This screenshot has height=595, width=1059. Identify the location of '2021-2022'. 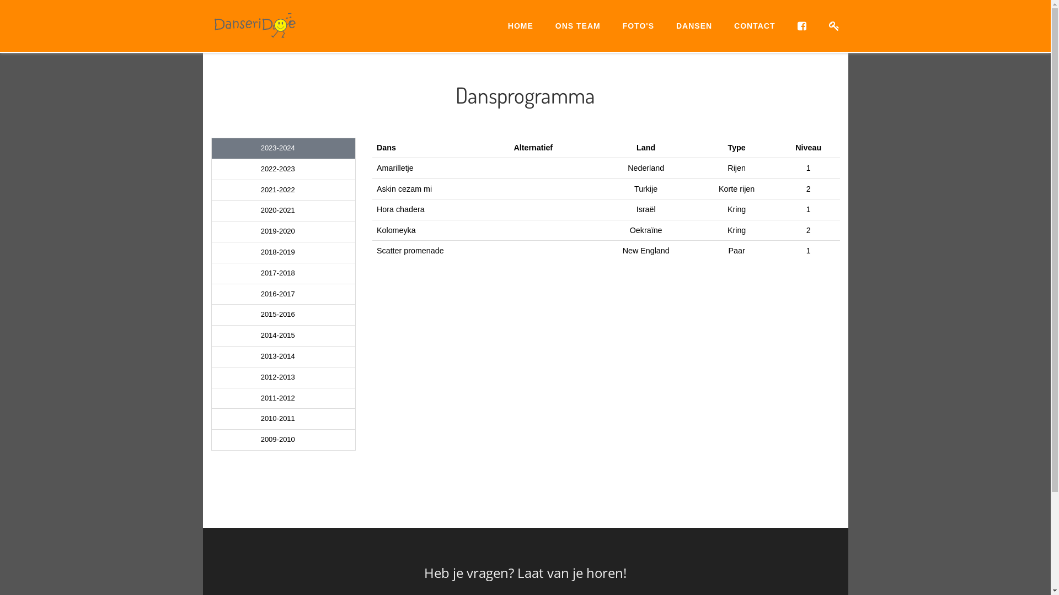
(284, 190).